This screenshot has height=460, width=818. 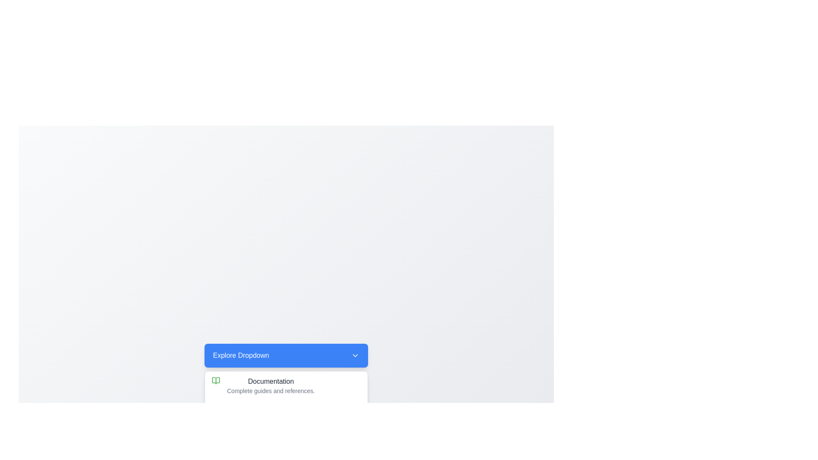 I want to click on the decorative vector graphic icon representing the right half outline of a book within the 'Documentation' menu item, located in the dropdown menu below the 'Explore Dropdown' button, so click(x=216, y=380).